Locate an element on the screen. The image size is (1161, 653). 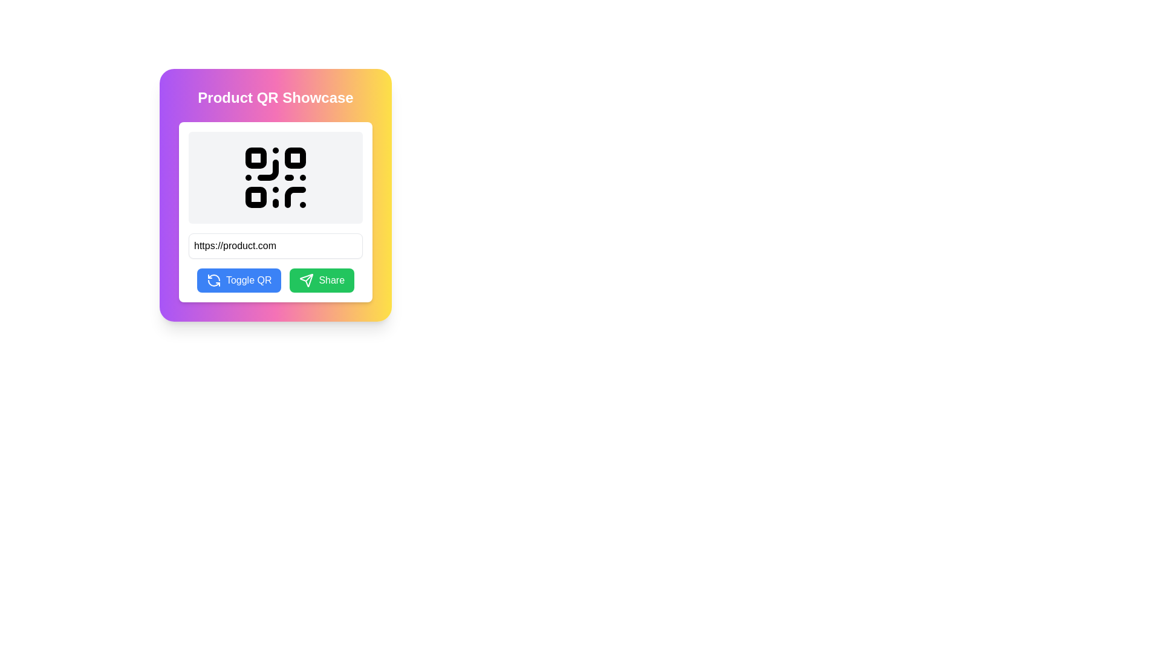
the QR code by clicking on the curved line component located in the upper-right part of the QR code is located at coordinates (267, 170).